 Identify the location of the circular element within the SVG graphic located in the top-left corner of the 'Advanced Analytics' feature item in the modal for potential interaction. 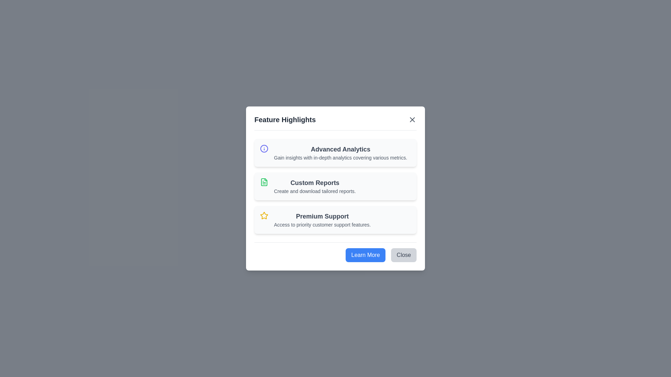
(264, 148).